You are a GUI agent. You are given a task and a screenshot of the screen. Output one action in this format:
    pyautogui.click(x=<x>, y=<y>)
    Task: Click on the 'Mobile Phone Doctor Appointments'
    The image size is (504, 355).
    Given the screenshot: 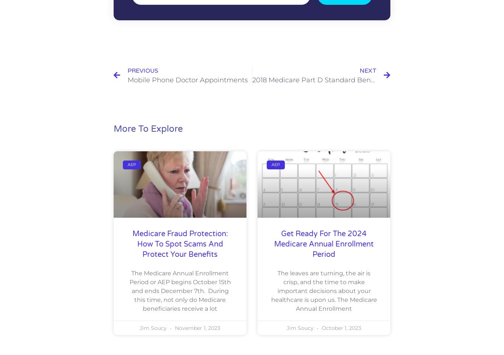 What is the action you would take?
    pyautogui.click(x=127, y=79)
    